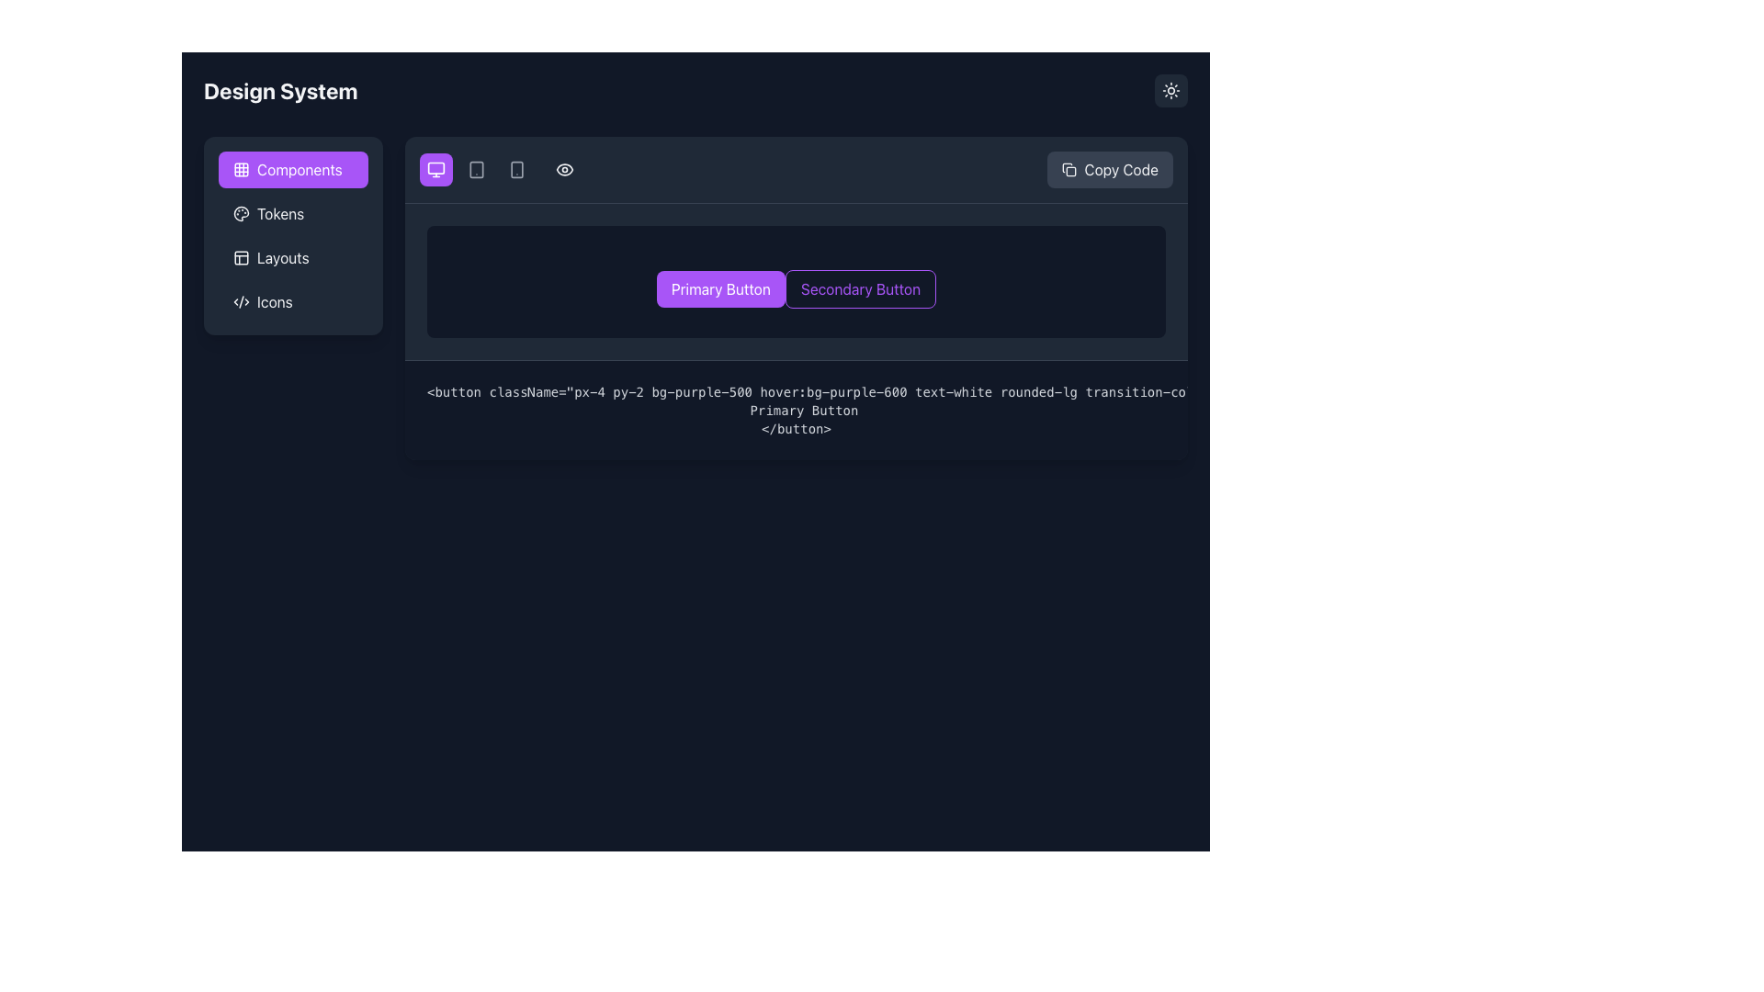  I want to click on the eye-shaped icon button located on the top-right section of the toolbar, so click(563, 170).